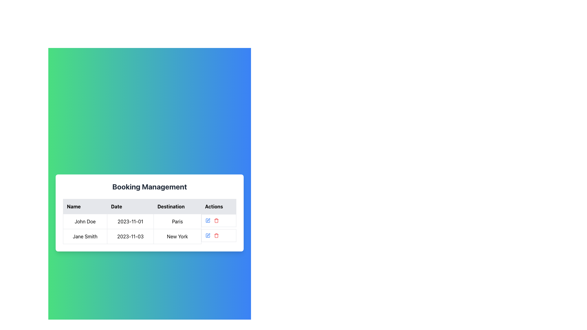 This screenshot has height=330, width=587. Describe the element at coordinates (208, 220) in the screenshot. I see `the editing icon button in the 'Actions' column of the second row corresponding to Jane Smith` at that location.